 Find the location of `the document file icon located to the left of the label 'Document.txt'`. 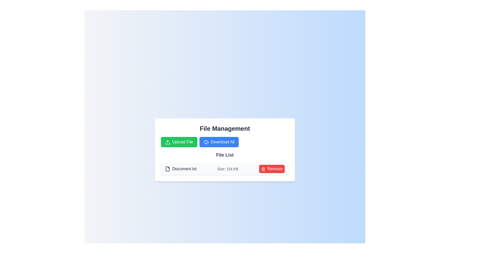

the document file icon located to the left of the label 'Document.txt' is located at coordinates (167, 169).